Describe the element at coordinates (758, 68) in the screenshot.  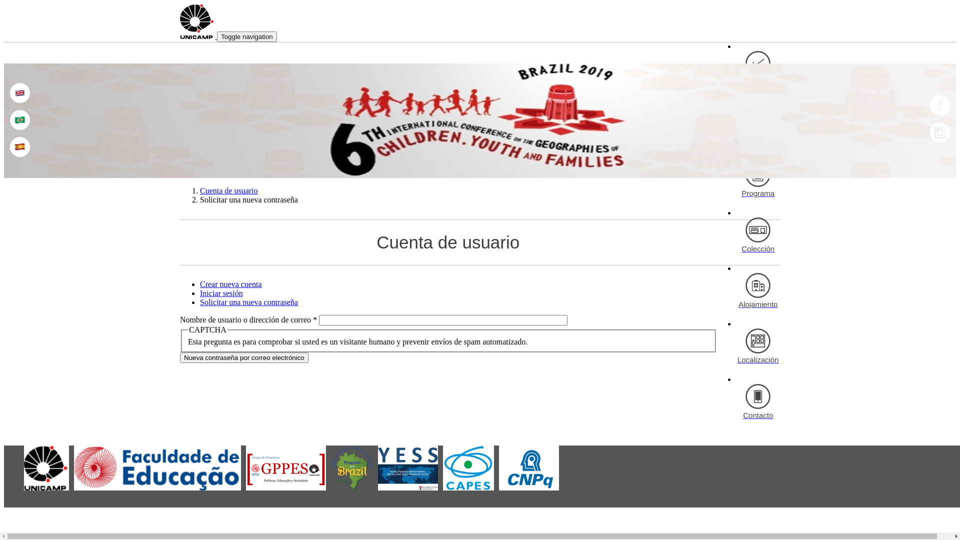
I see `'Inscripciones'` at that location.